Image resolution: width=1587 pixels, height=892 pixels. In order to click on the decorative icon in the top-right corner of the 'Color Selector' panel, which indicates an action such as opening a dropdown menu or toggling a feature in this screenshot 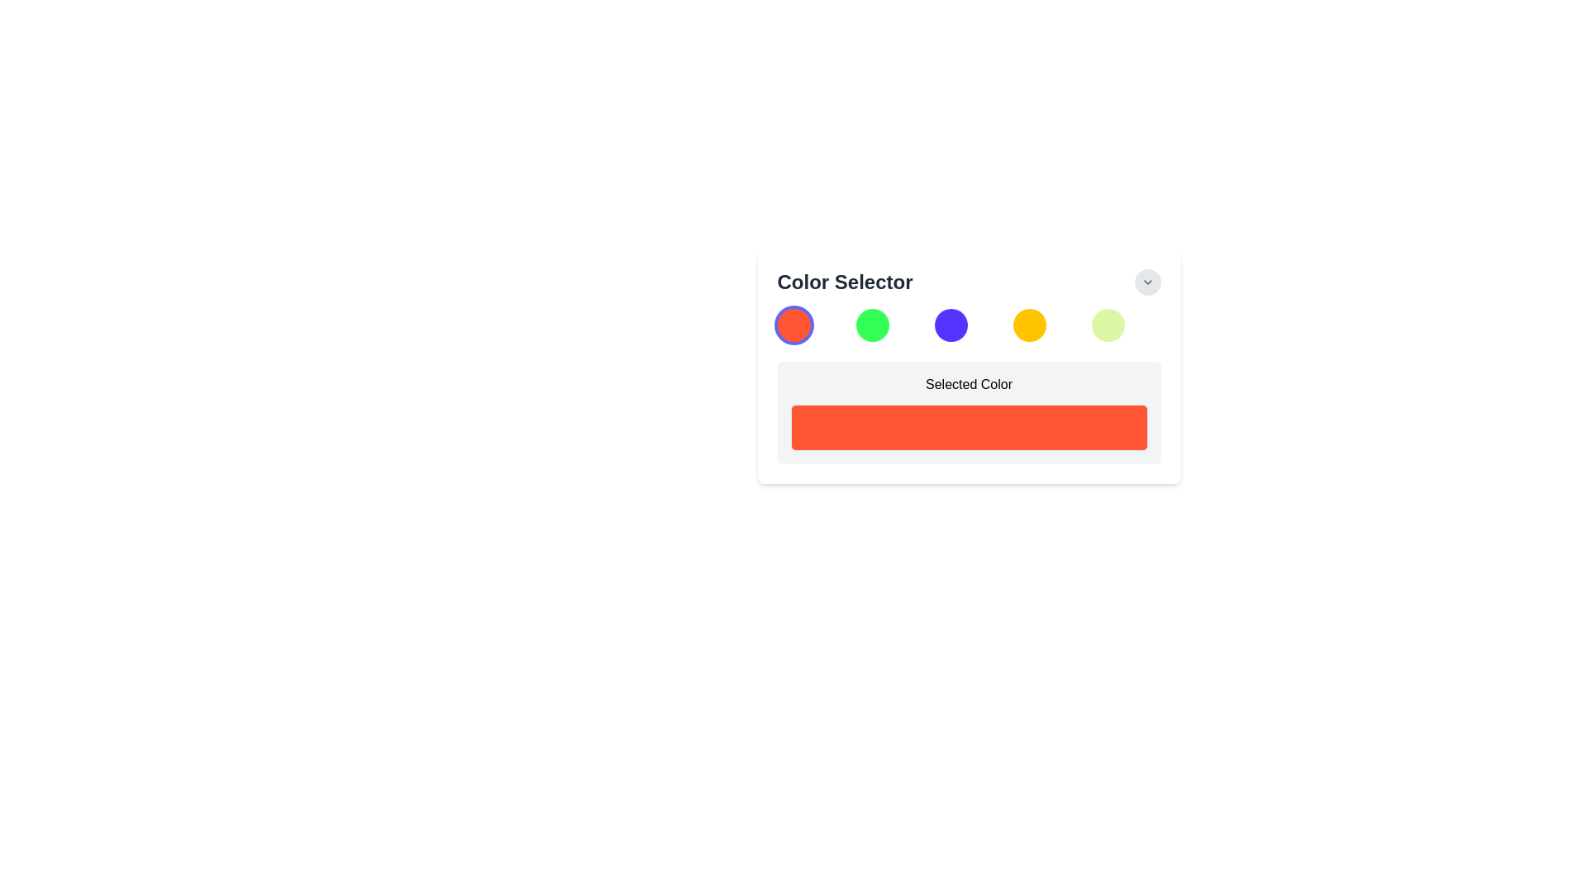, I will do `click(1146, 282)`.